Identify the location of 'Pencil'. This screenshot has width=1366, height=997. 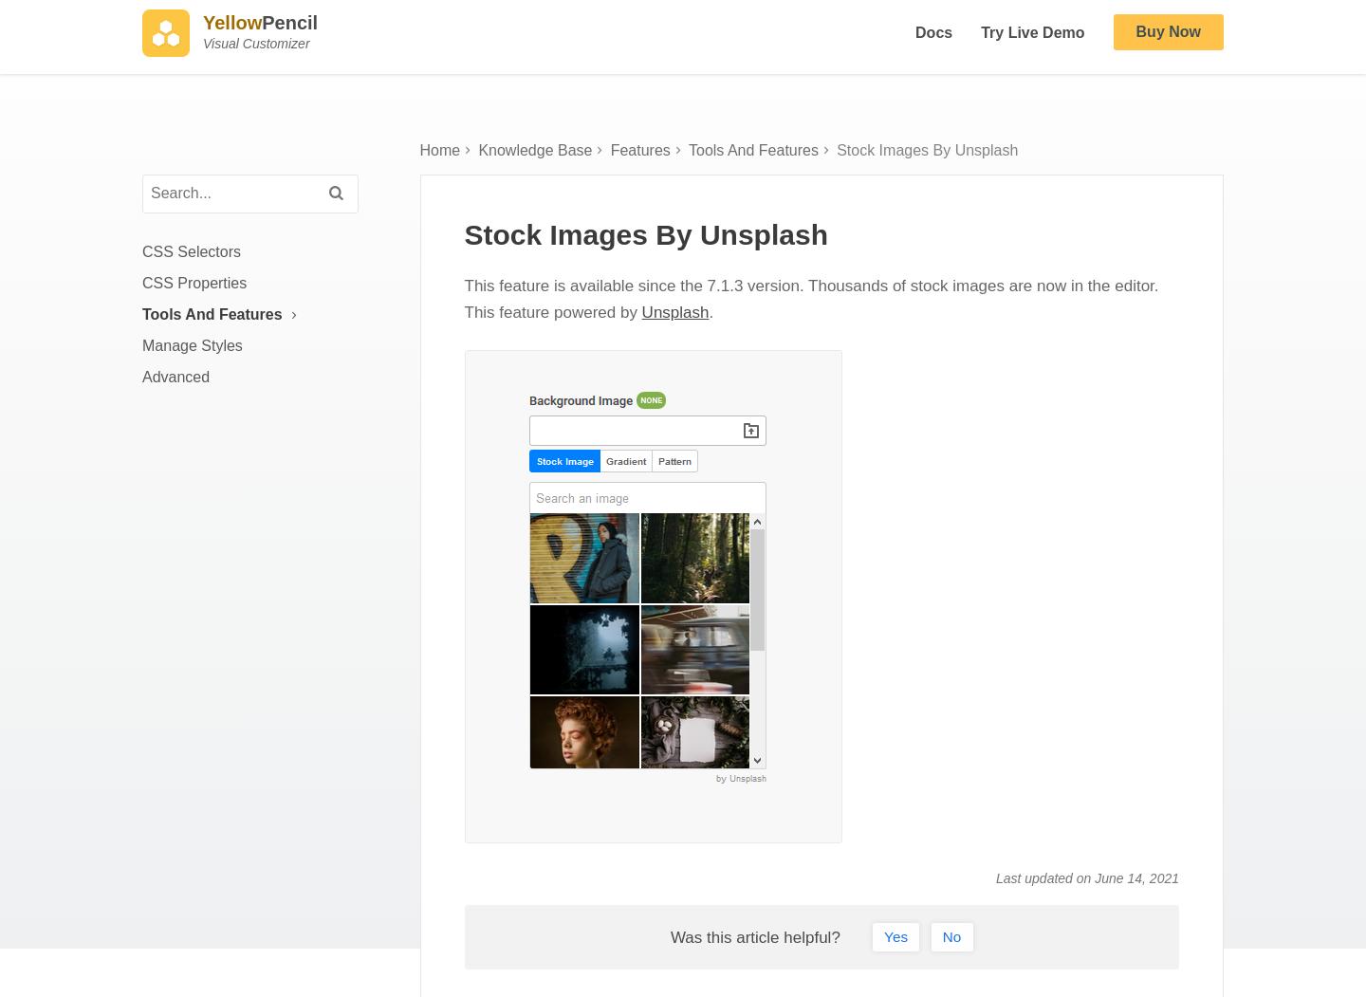
(289, 32).